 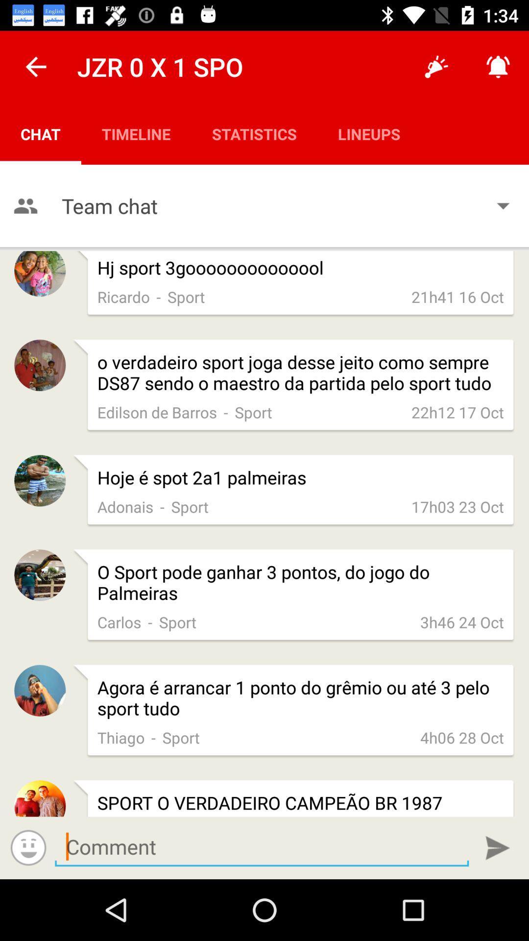 What do you see at coordinates (35, 66) in the screenshot?
I see `the app to the left of the jzr 0 x item` at bounding box center [35, 66].